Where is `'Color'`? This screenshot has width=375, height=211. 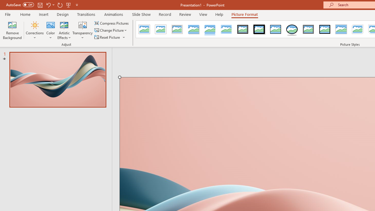
'Color' is located at coordinates (51, 30).